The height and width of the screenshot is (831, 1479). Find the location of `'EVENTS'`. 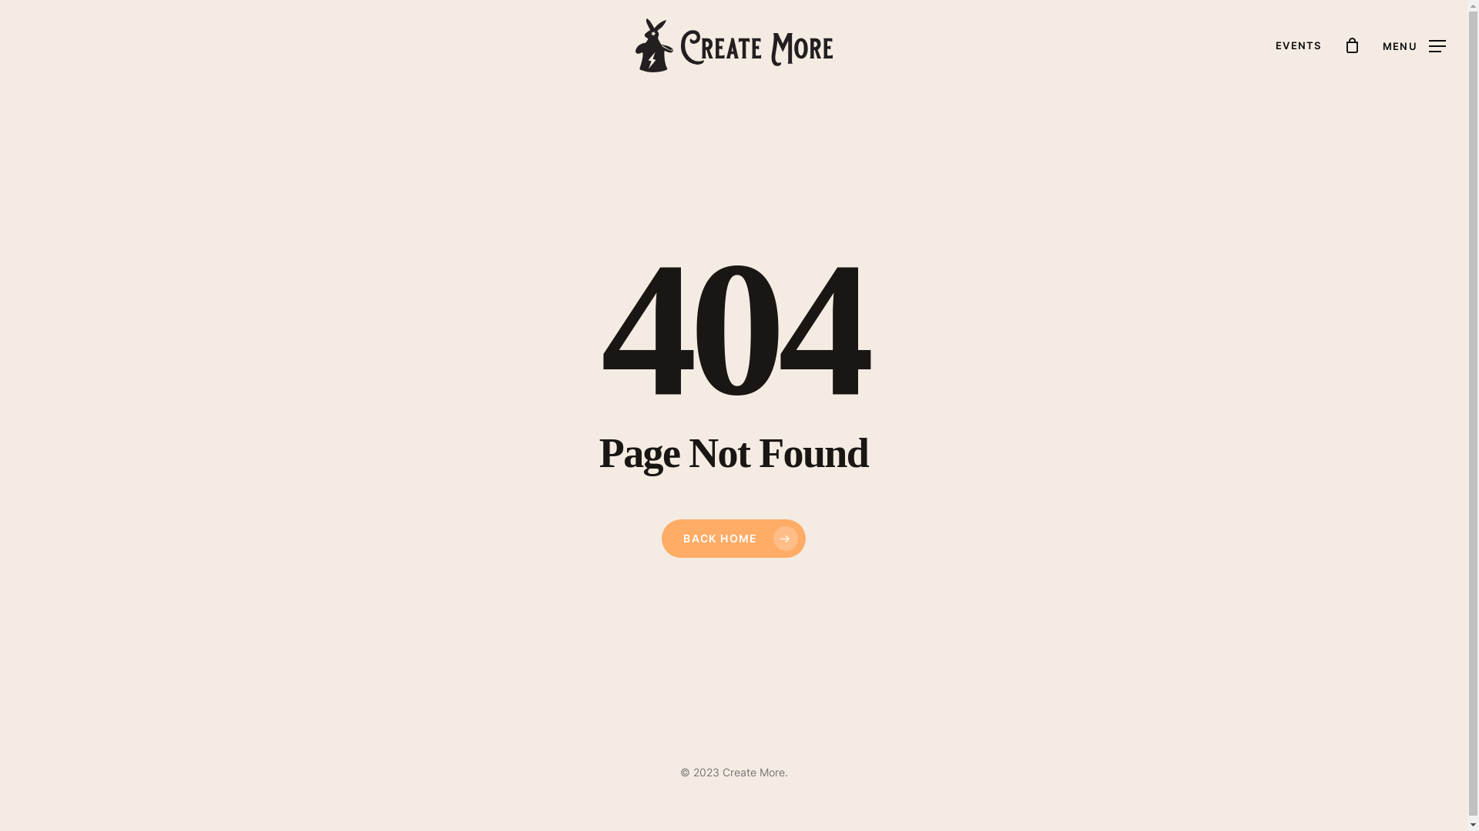

'EVENTS' is located at coordinates (1297, 44).